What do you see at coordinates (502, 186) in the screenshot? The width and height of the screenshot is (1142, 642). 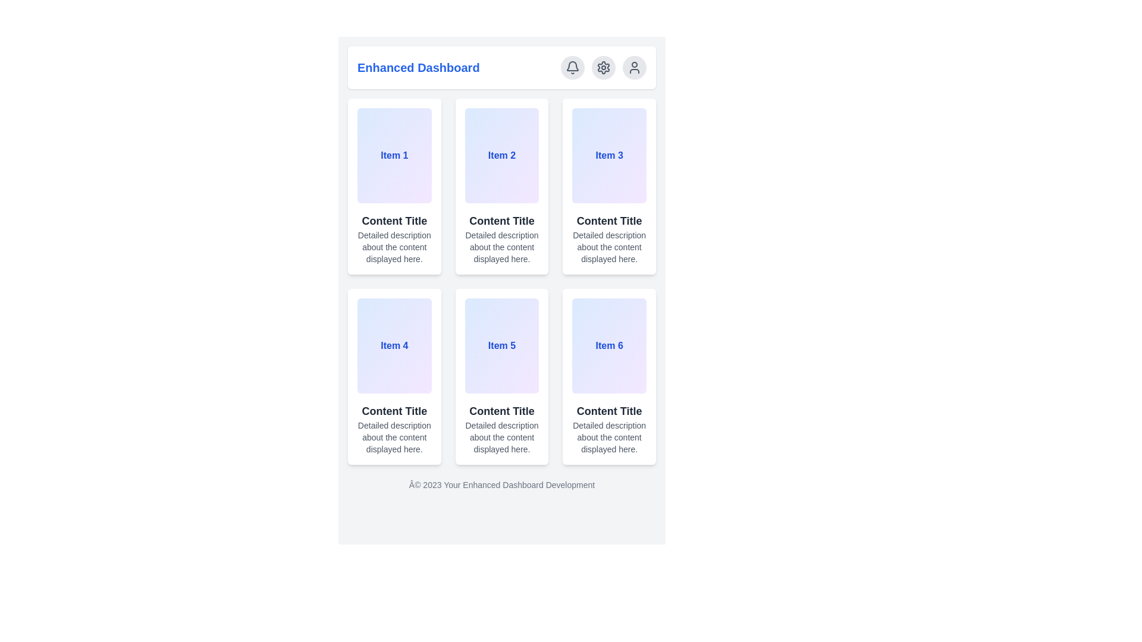 I see `the second card in the grid layout, which presents summarized information about a specific topic` at bounding box center [502, 186].